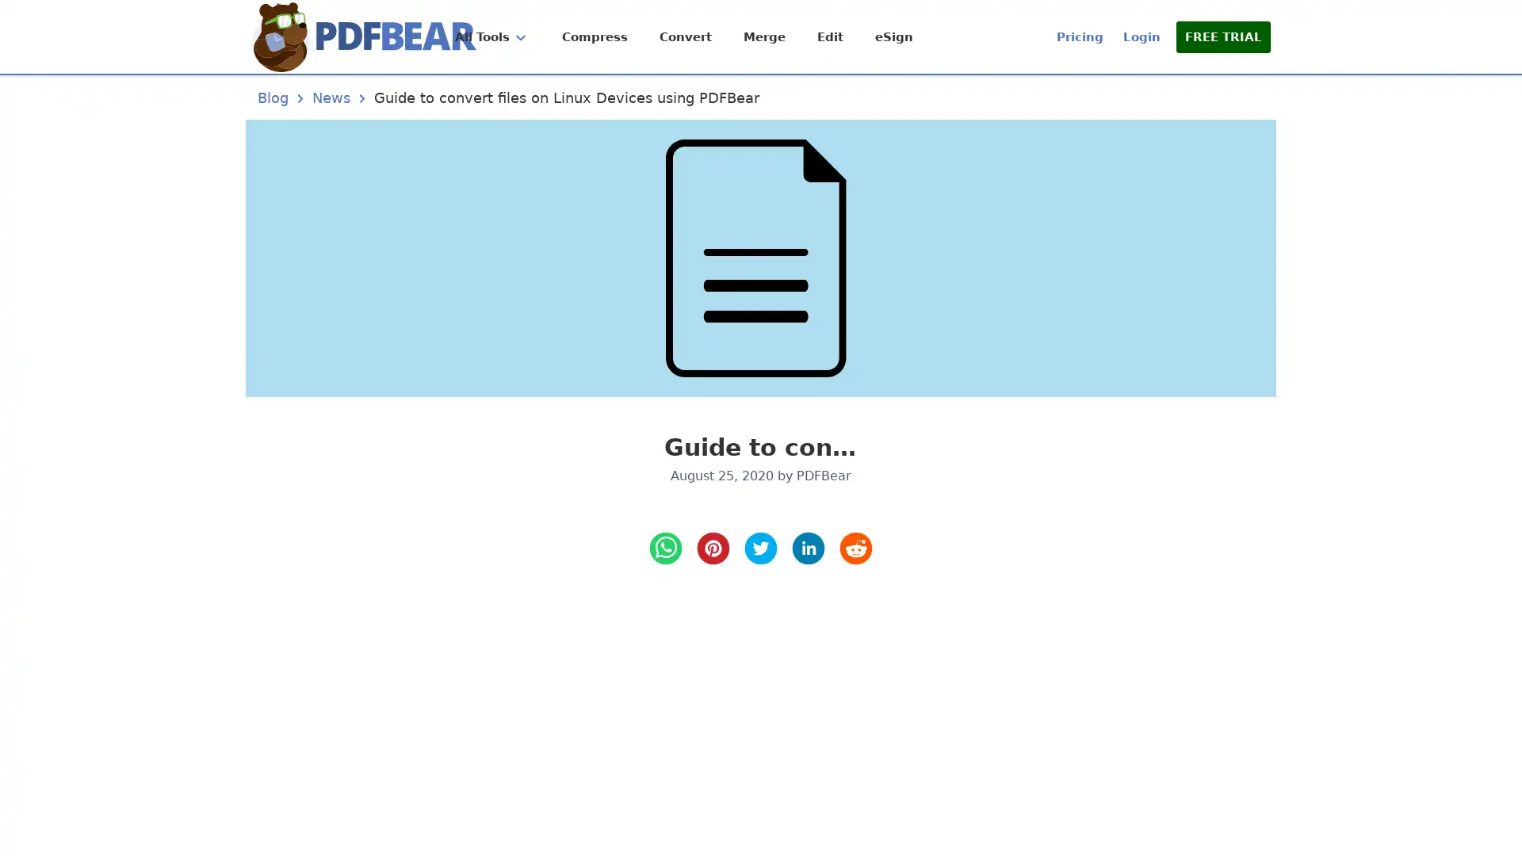 The width and height of the screenshot is (1522, 856). I want to click on reddit, so click(855, 547).